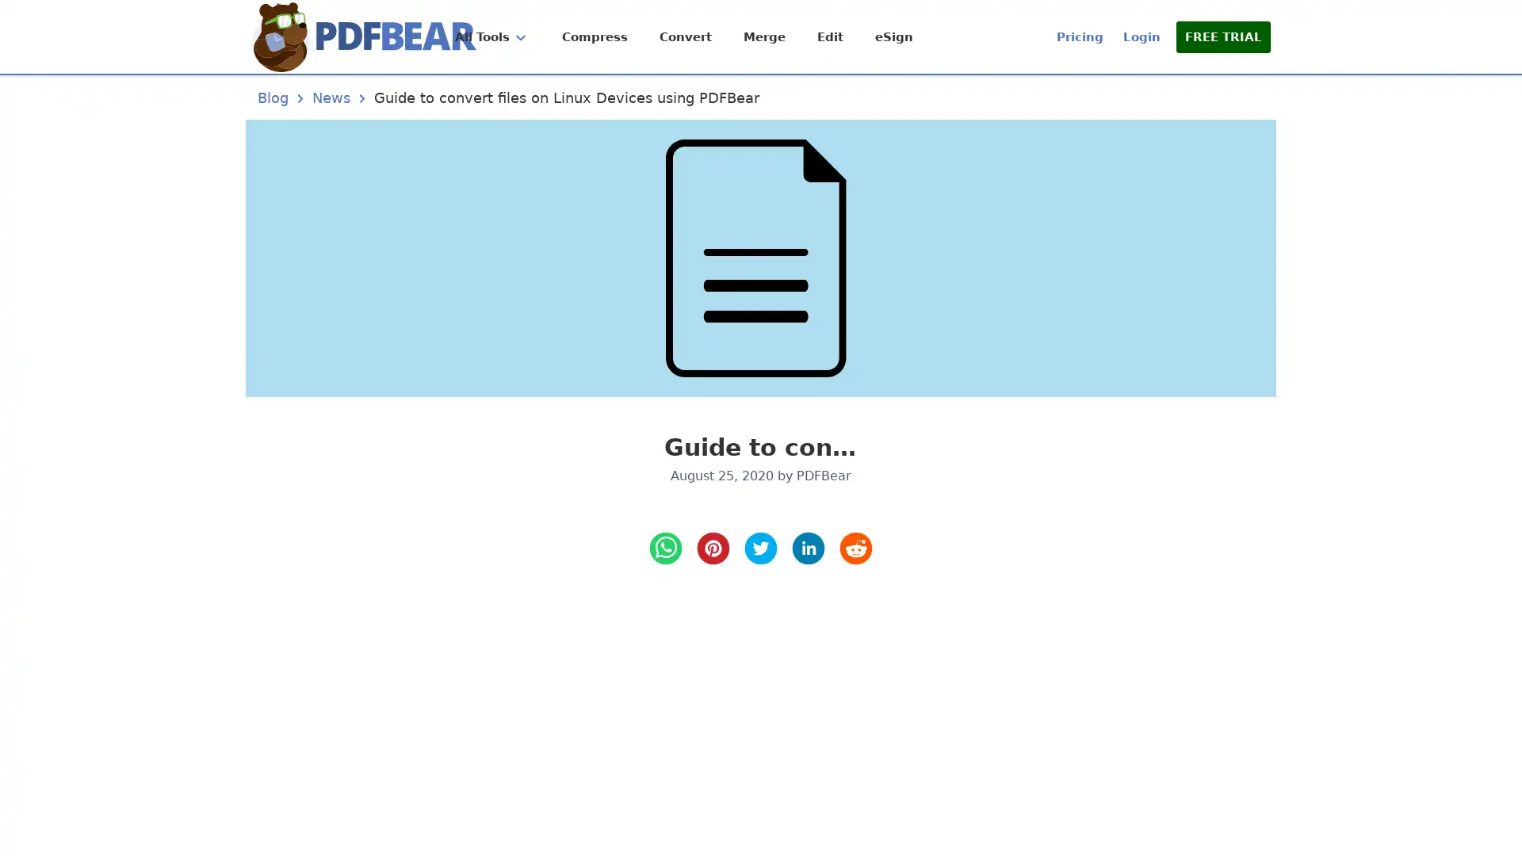 The width and height of the screenshot is (1522, 856). I want to click on reddit, so click(855, 547).